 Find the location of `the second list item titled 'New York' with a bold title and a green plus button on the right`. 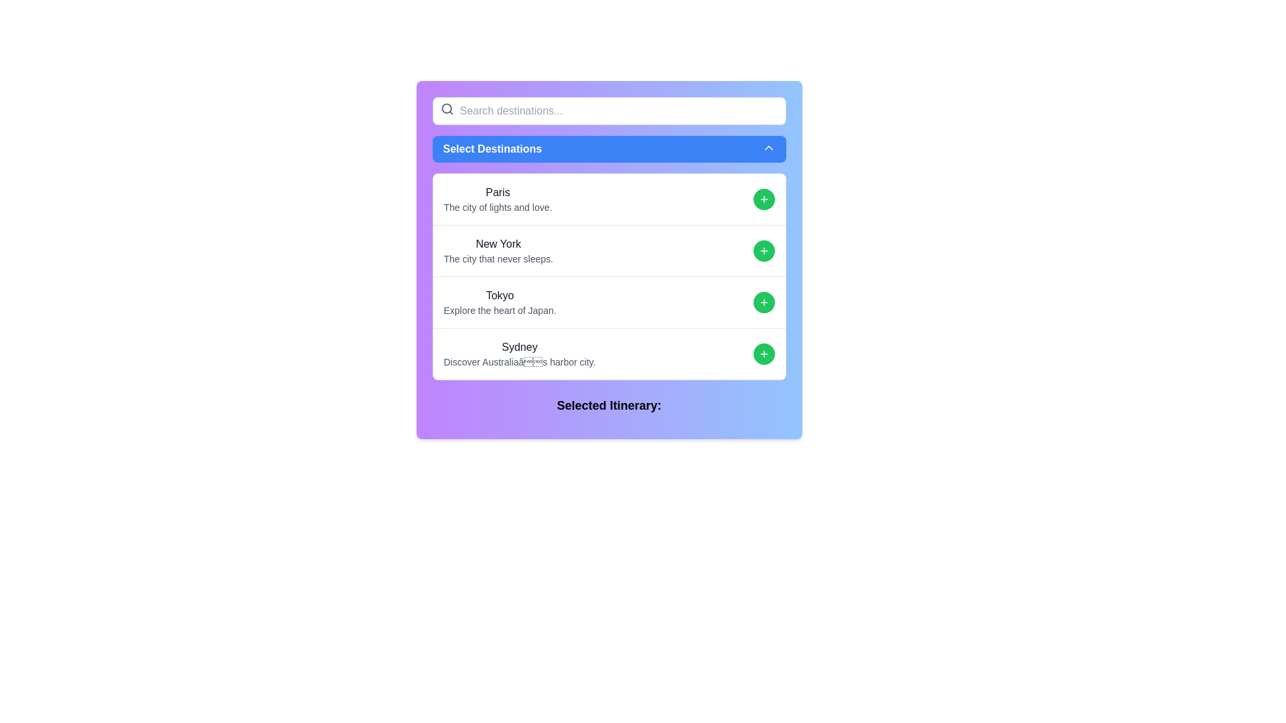

the second list item titled 'New York' with a bold title and a green plus button on the right is located at coordinates (608, 250).